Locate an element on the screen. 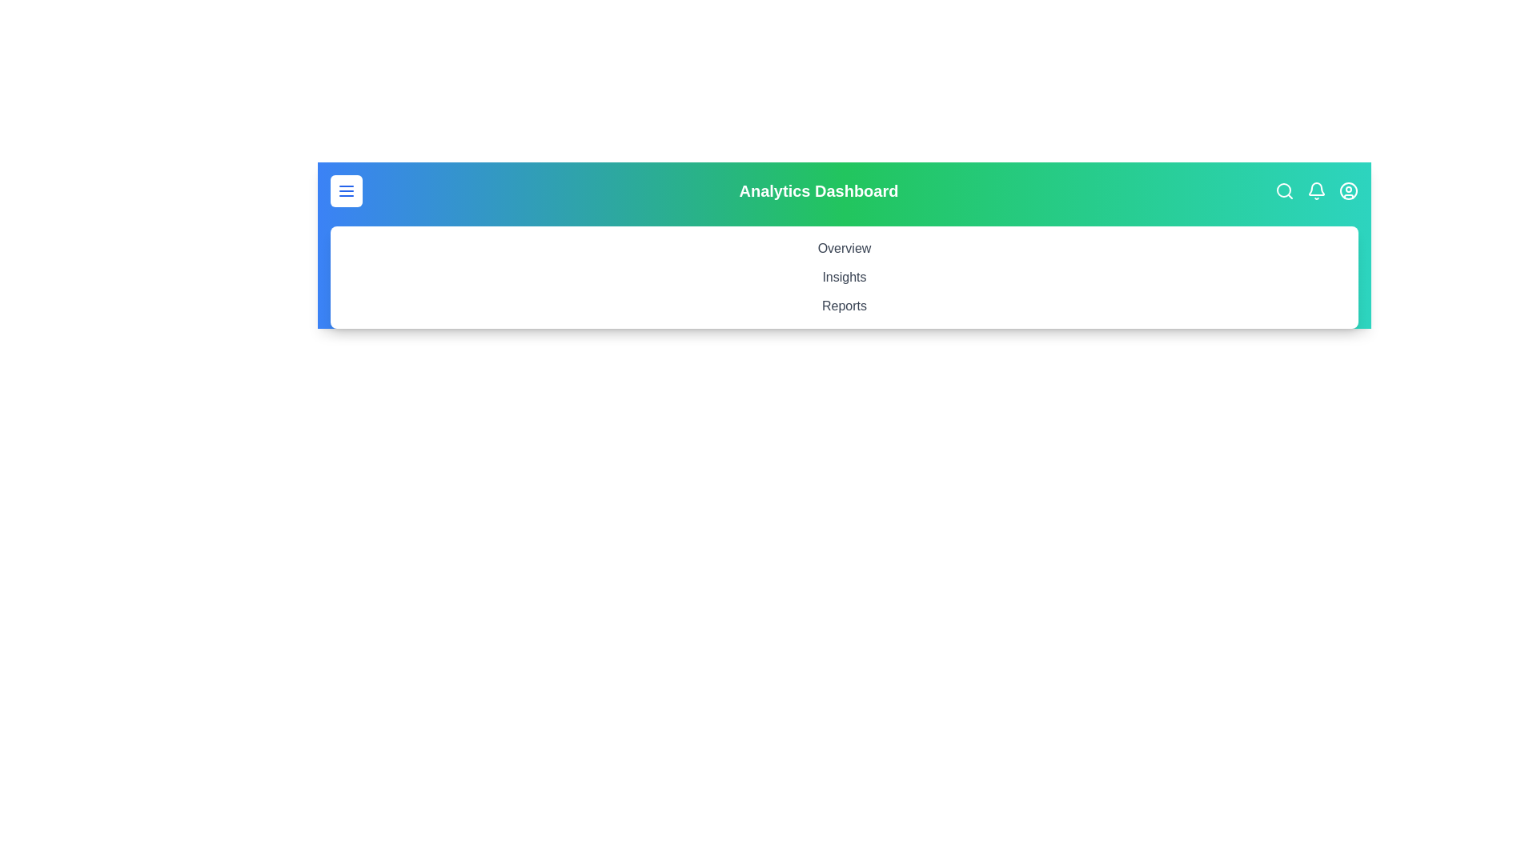 The image size is (1537, 864). the notification bell icon to view notifications is located at coordinates (1317, 190).